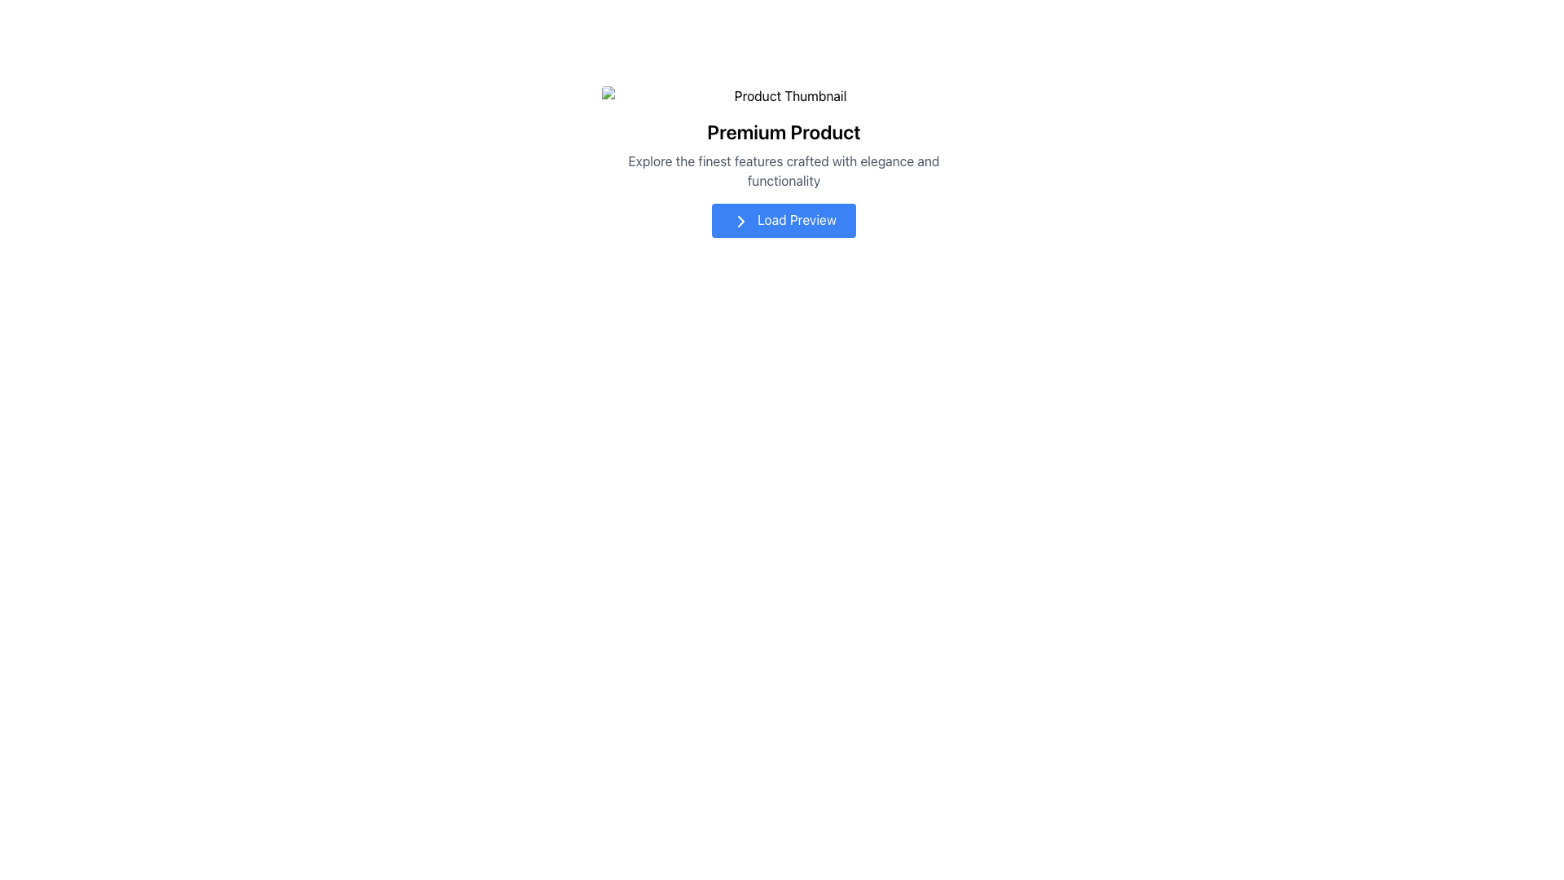  Describe the element at coordinates (784, 137) in the screenshot. I see `descriptive information from the Text Block that serves as a section header and description for 'Premium Product', which includes the text 'Explore the finest features crafted with elegance and functionality'` at that location.